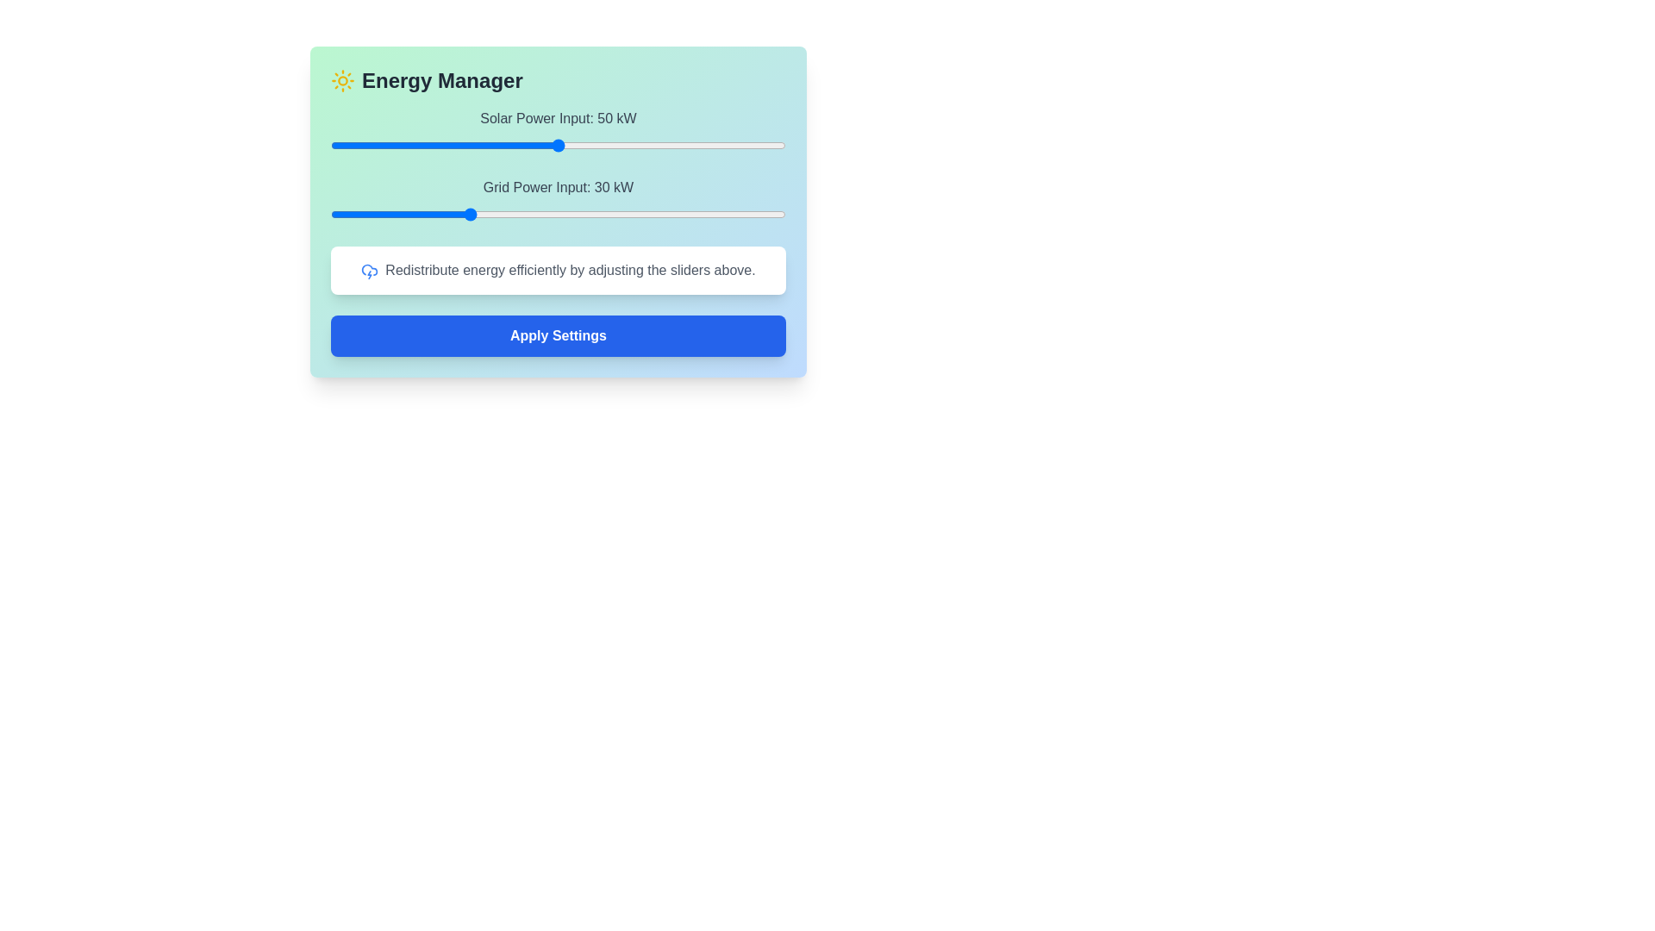 Image resolution: width=1655 pixels, height=931 pixels. What do you see at coordinates (563, 214) in the screenshot?
I see `the Grid Power Input slider to 51 kW` at bounding box center [563, 214].